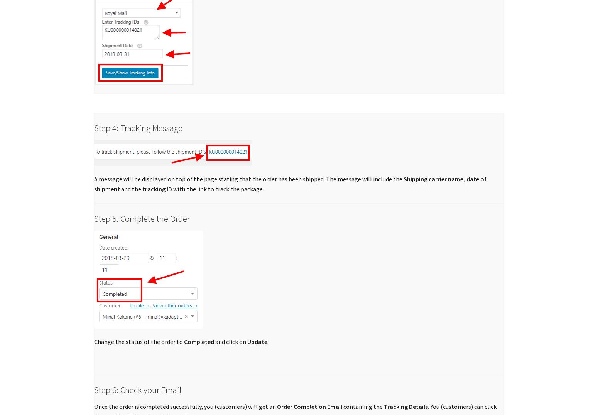 This screenshot has height=415, width=598. What do you see at coordinates (94, 407) in the screenshot?
I see `'Once the order is completed successfully, you (customers) will get an'` at bounding box center [94, 407].